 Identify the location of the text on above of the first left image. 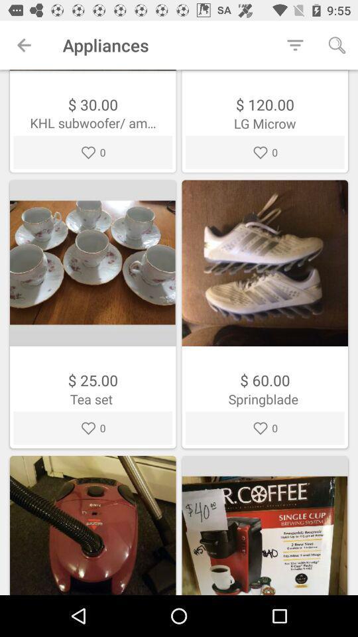
(92, 123).